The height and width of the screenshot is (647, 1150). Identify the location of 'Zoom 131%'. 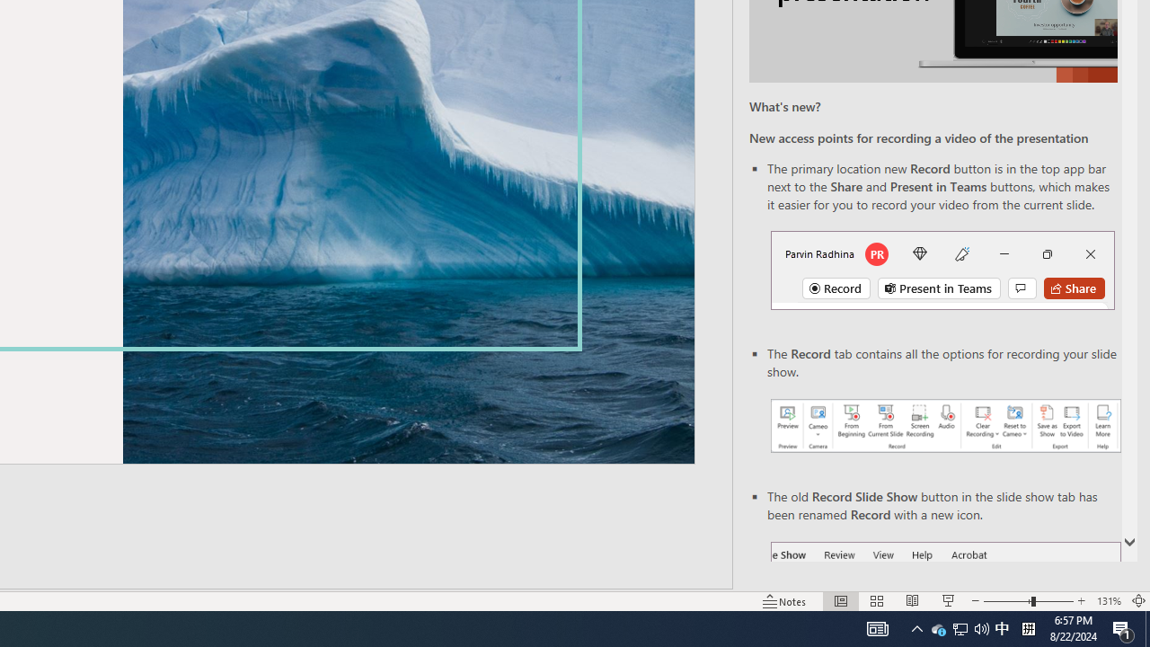
(1108, 601).